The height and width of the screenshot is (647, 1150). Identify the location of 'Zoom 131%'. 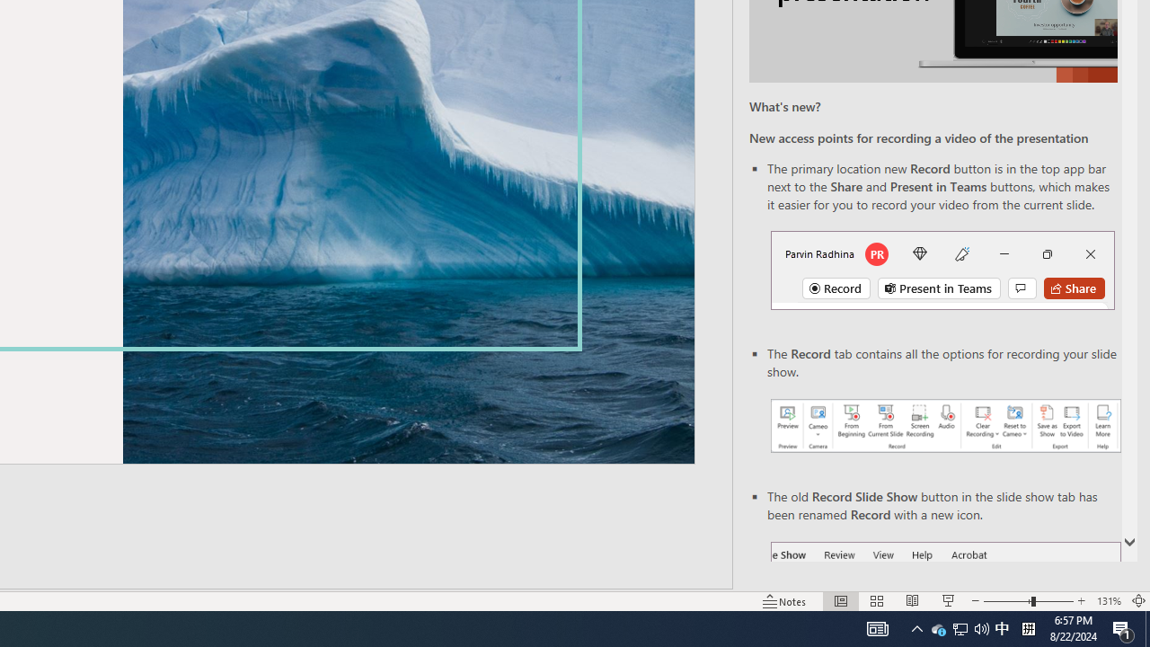
(1108, 601).